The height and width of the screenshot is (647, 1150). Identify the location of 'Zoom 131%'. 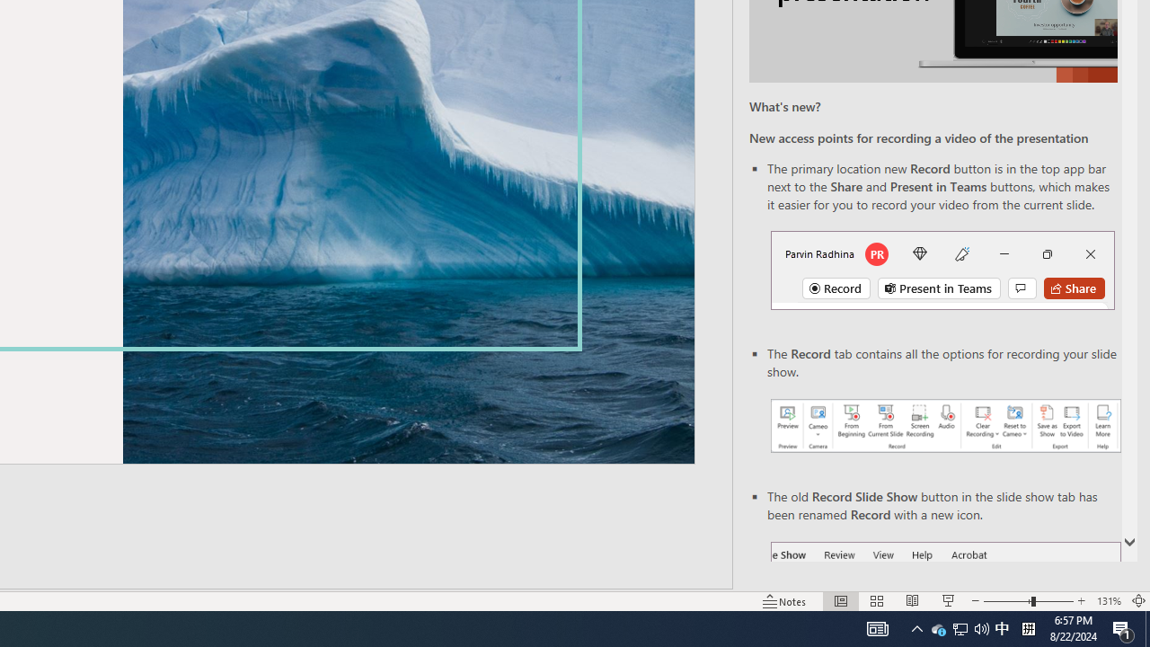
(1108, 601).